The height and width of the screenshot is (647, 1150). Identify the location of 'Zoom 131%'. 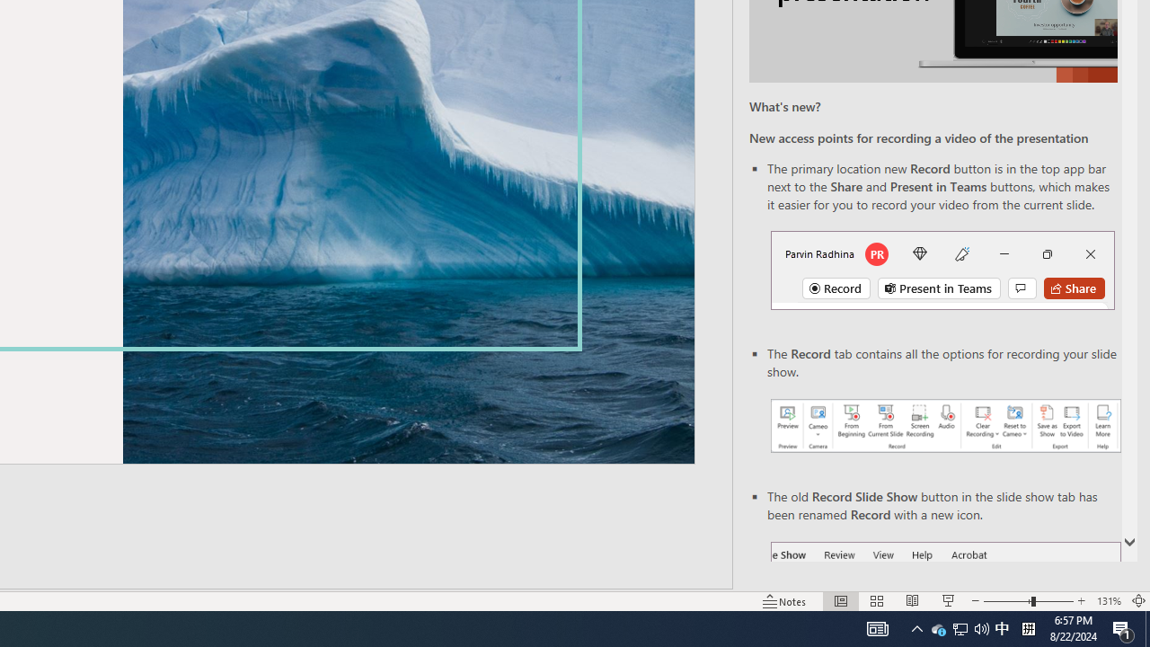
(1108, 601).